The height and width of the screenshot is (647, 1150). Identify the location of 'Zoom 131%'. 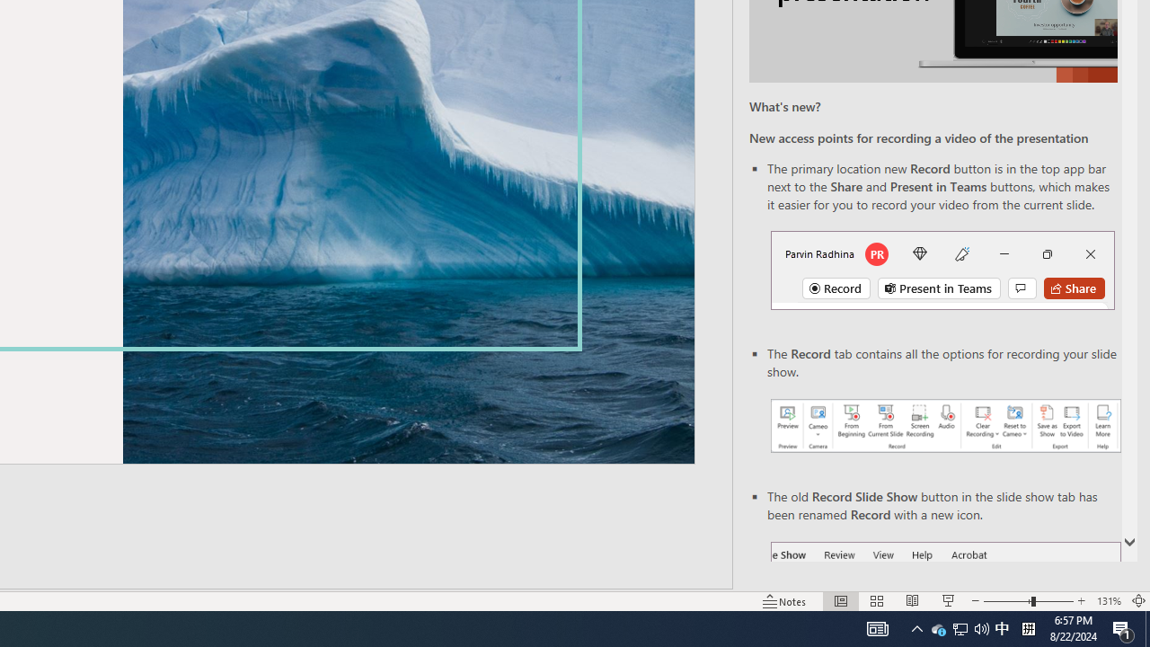
(1108, 601).